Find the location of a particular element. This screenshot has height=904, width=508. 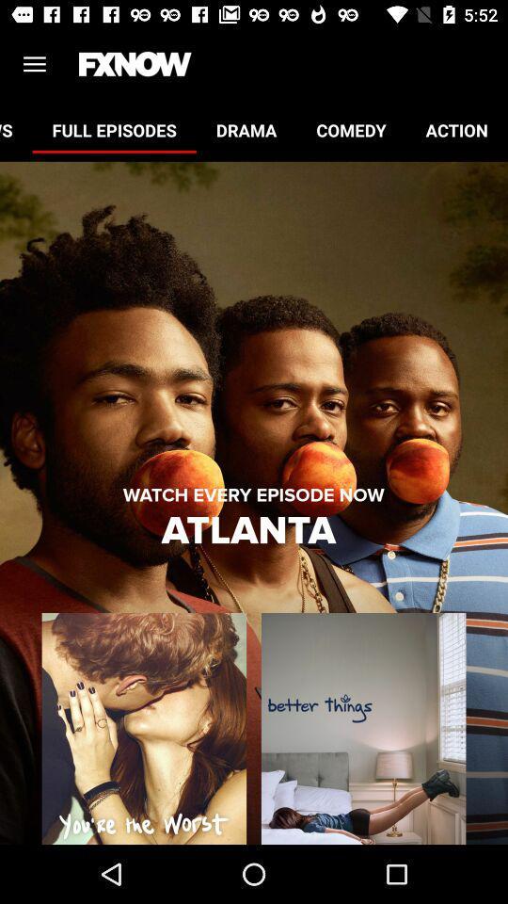

atlanta is located at coordinates (253, 531).